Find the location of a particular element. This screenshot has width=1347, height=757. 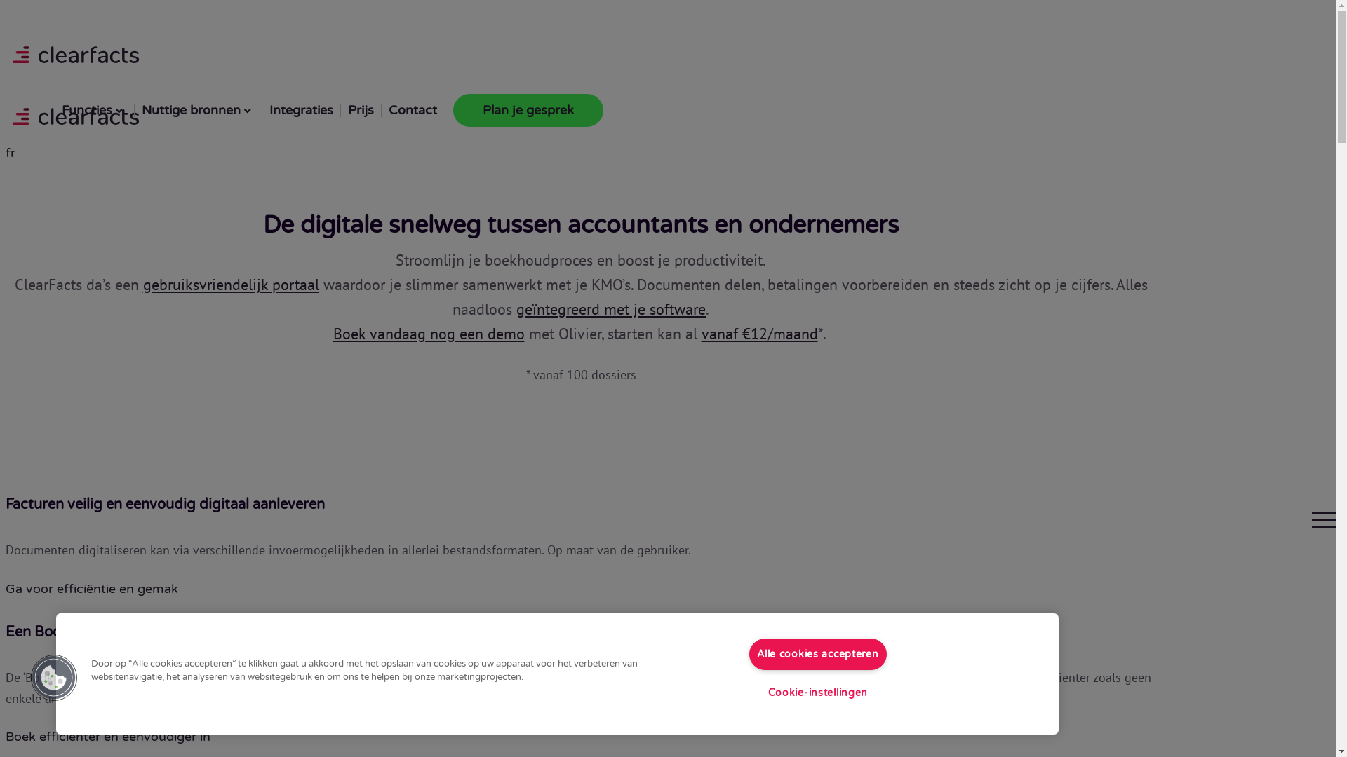

'fr' is located at coordinates (10, 153).